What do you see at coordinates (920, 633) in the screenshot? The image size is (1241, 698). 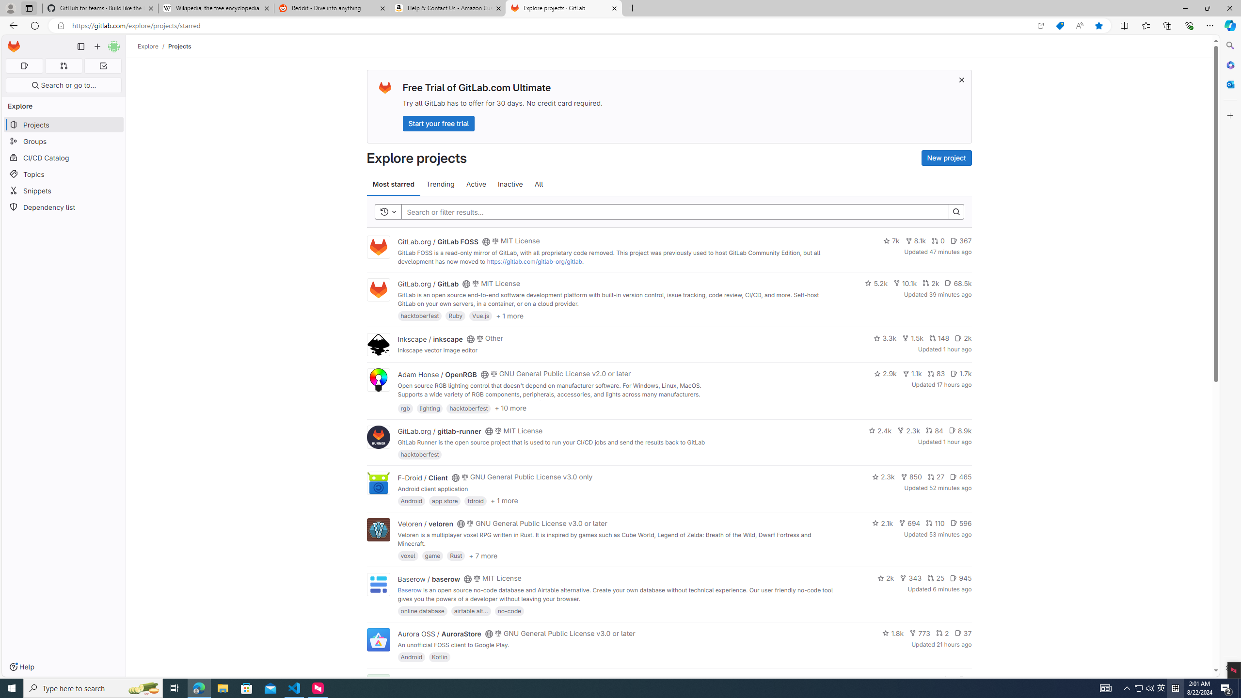 I see `'773'` at bounding box center [920, 633].